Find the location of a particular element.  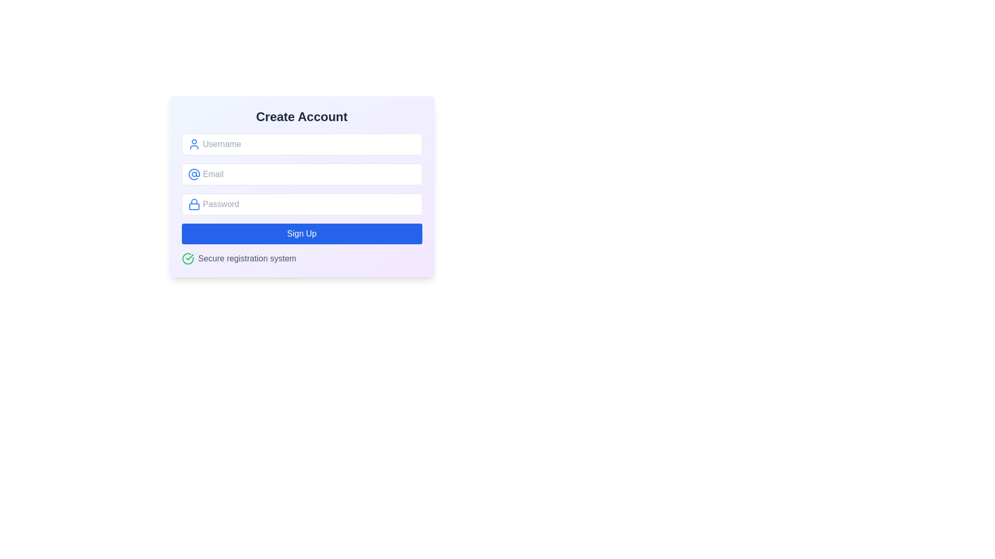

the Username input field, which is the first interactive input field in a vertically stacked group within the form is located at coordinates (301, 144).